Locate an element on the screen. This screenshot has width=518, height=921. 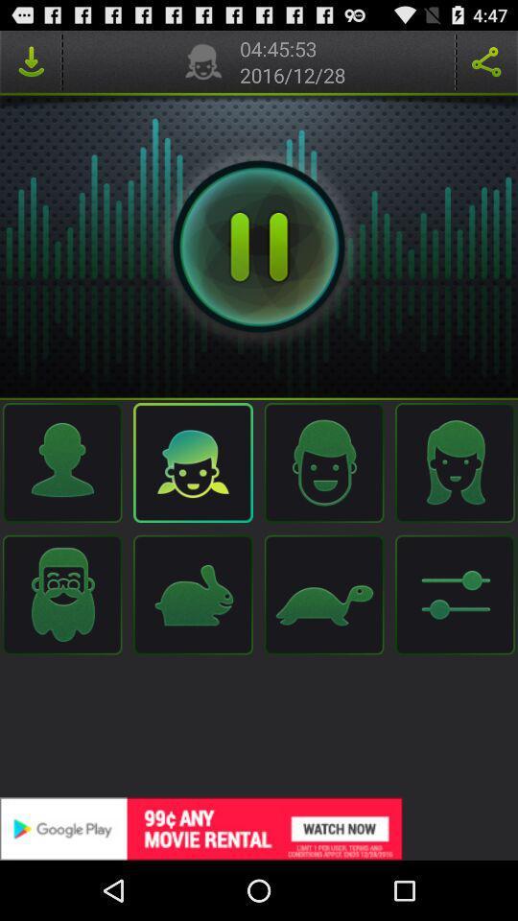
pause is located at coordinates (259, 246).